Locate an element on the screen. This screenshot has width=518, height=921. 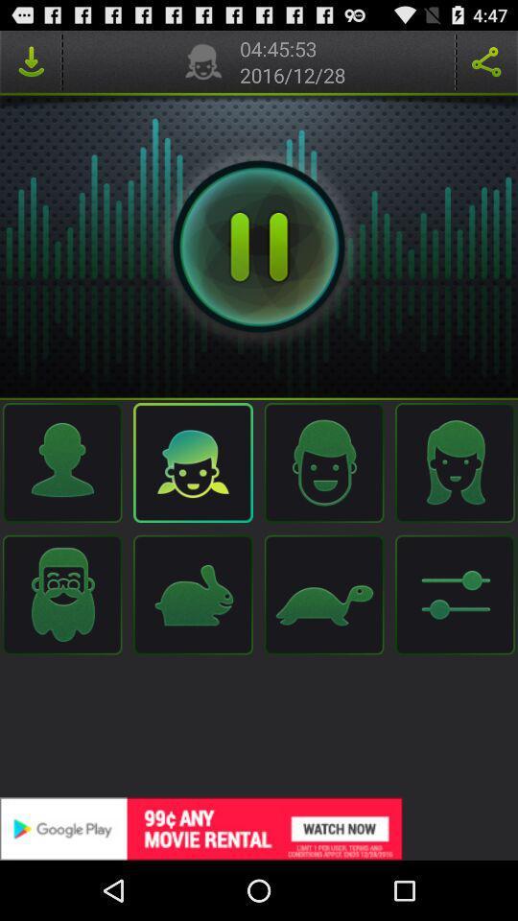
pause is located at coordinates (259, 246).